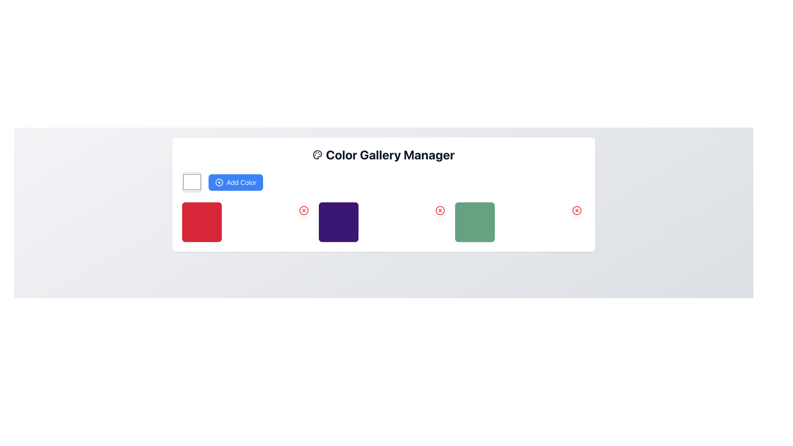 The height and width of the screenshot is (446, 793). What do you see at coordinates (383, 154) in the screenshot?
I see `the prominent heading 'Color Gallery Manager' with an icon resembling a palette, located near the top center of the interface` at bounding box center [383, 154].